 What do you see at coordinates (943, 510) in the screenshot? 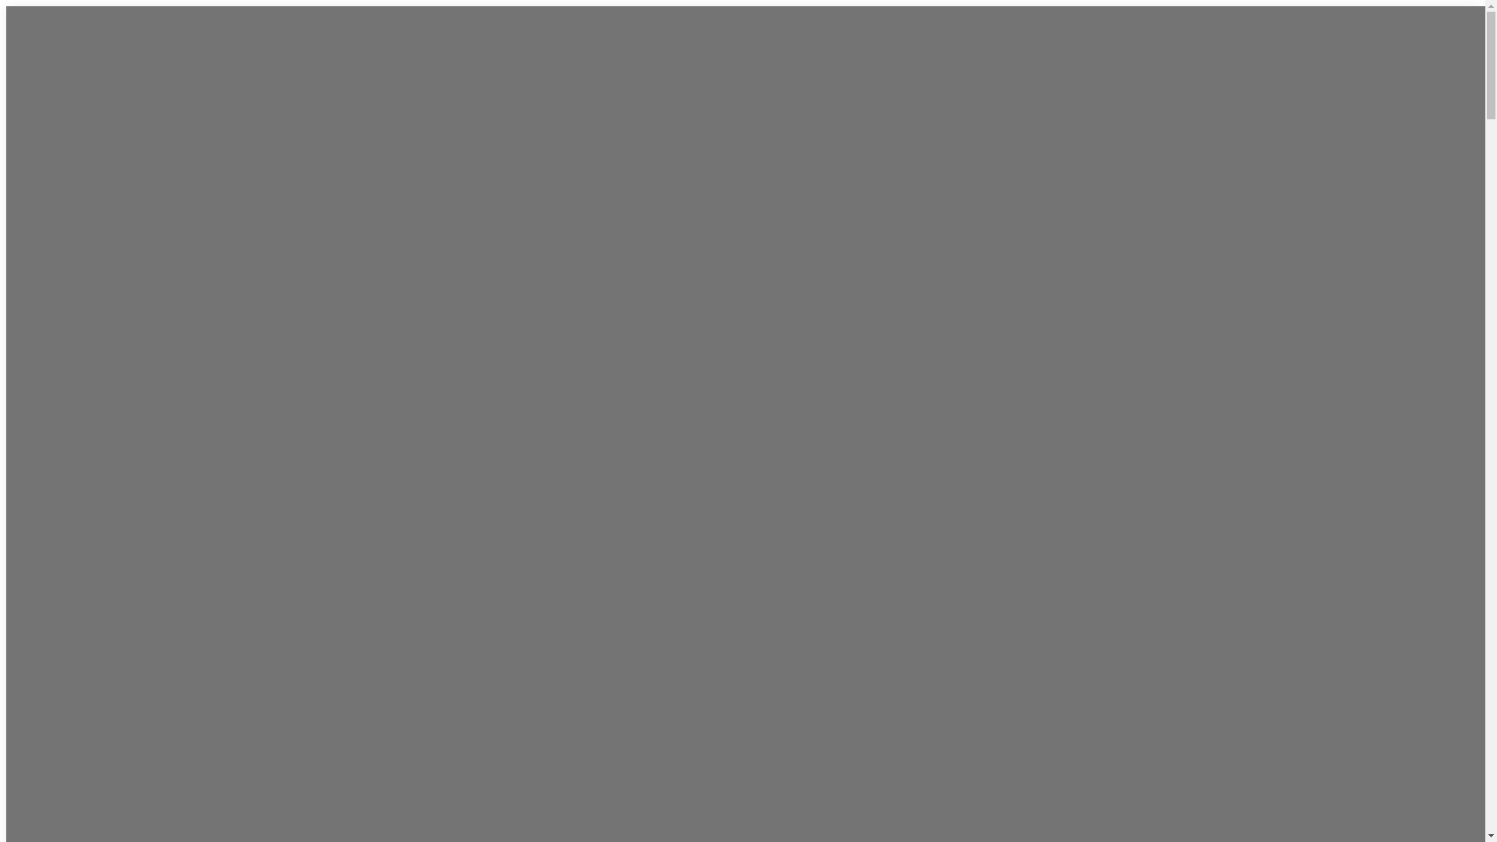
I see `'02 8318 0788'` at bounding box center [943, 510].